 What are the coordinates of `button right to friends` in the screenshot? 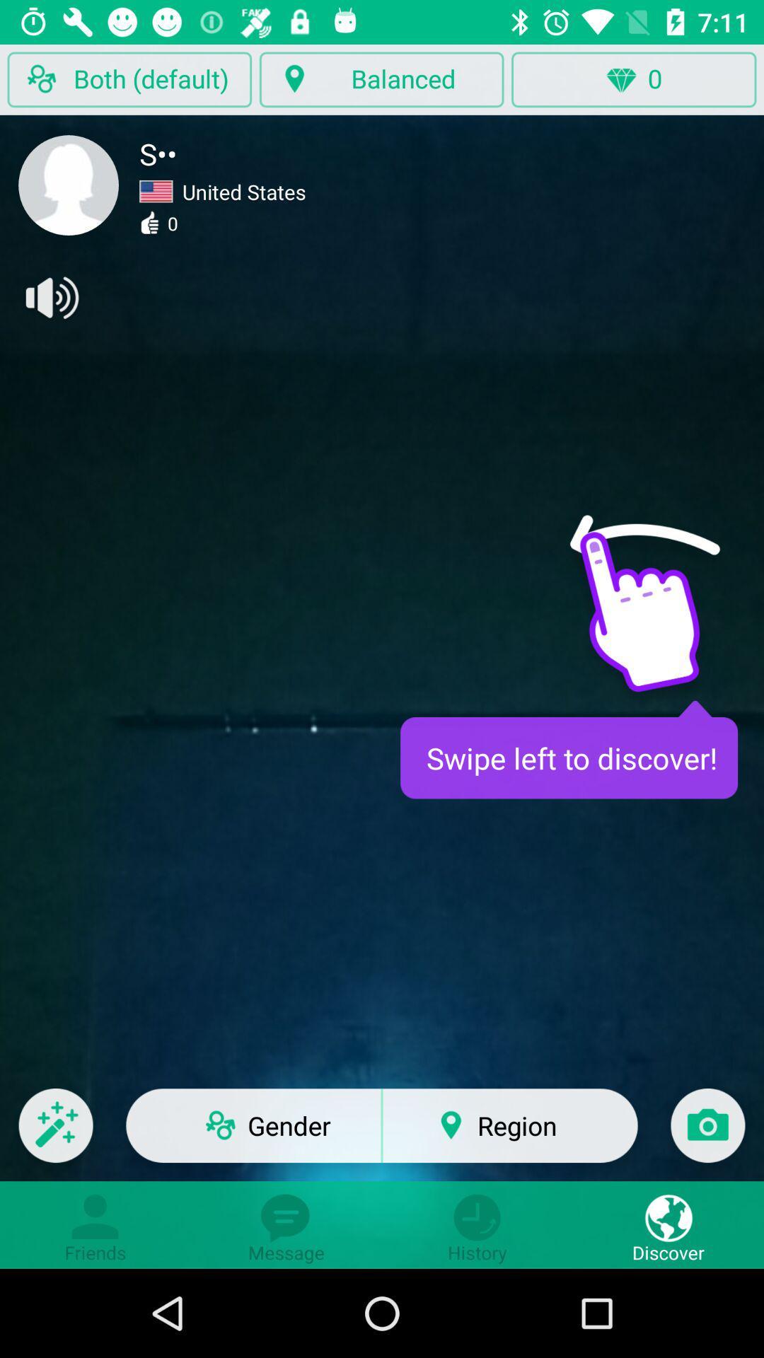 It's located at (286, 1224).